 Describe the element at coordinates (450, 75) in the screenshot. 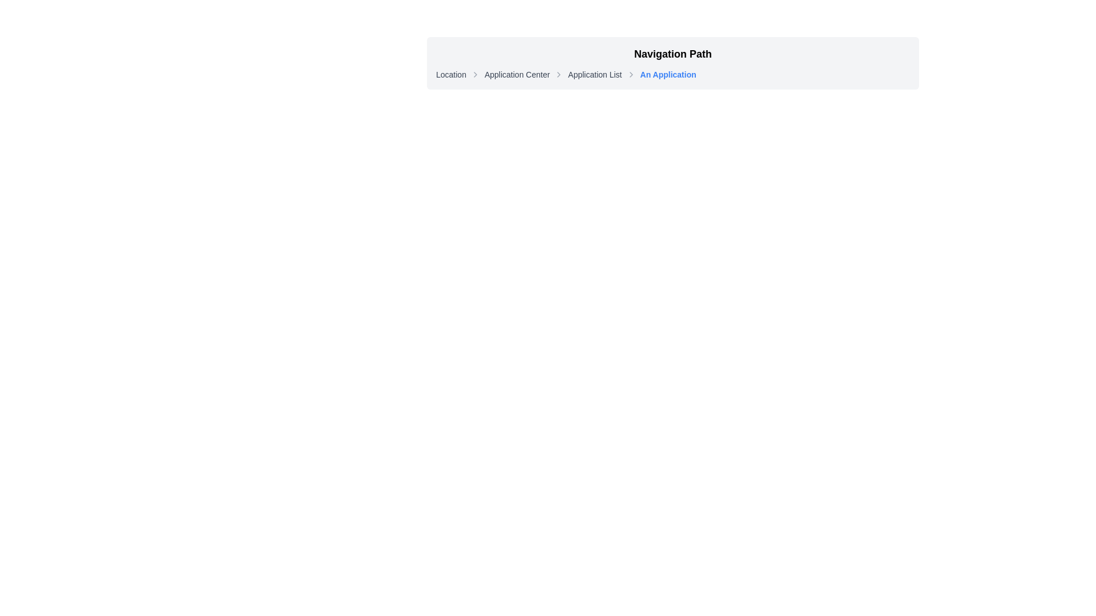

I see `the 'Location' interactive text link in the breadcrumb navigation bar to trigger the underlined hover effect` at that location.